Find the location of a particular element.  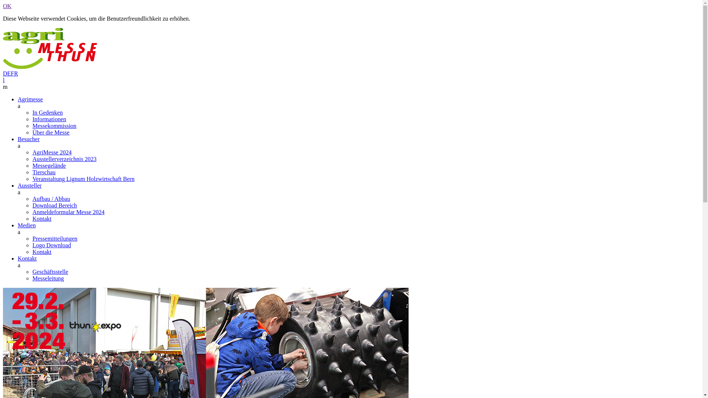

'DE' is located at coordinates (7, 73).